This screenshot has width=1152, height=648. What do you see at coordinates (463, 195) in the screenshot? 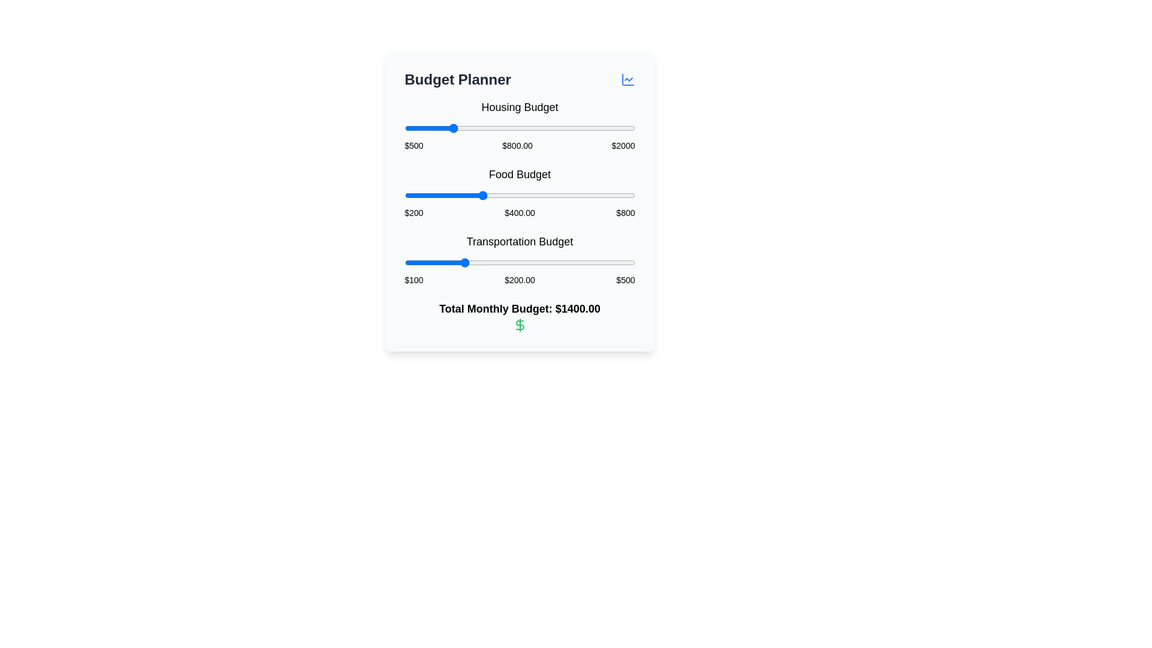
I see `the Food Budget slider value` at bounding box center [463, 195].